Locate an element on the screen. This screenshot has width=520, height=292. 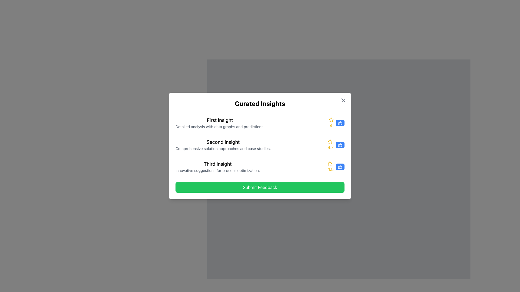
the descriptive text element that provides information about the 'Third Insight', which is positioned below the 'Third Insight' text and above the 'Submit Feedback' button is located at coordinates (217, 171).